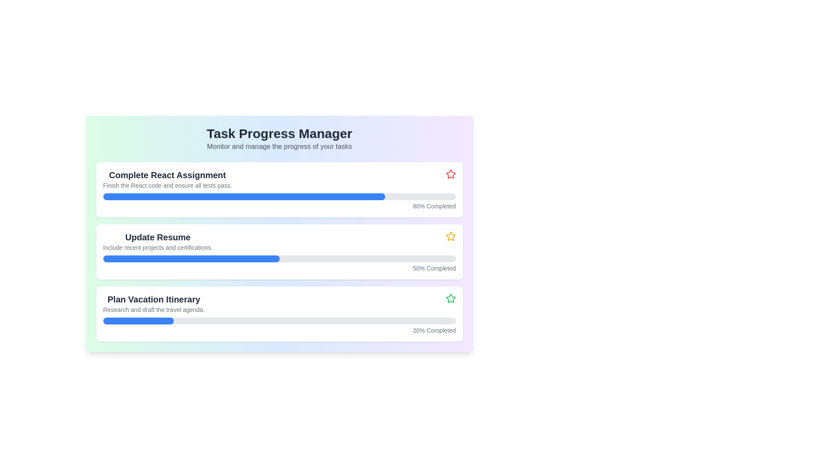 Image resolution: width=830 pixels, height=466 pixels. I want to click on the task item titled 'Plan Vacation Itinerary' with a description 'Research and draft the travel agenda', so click(279, 303).